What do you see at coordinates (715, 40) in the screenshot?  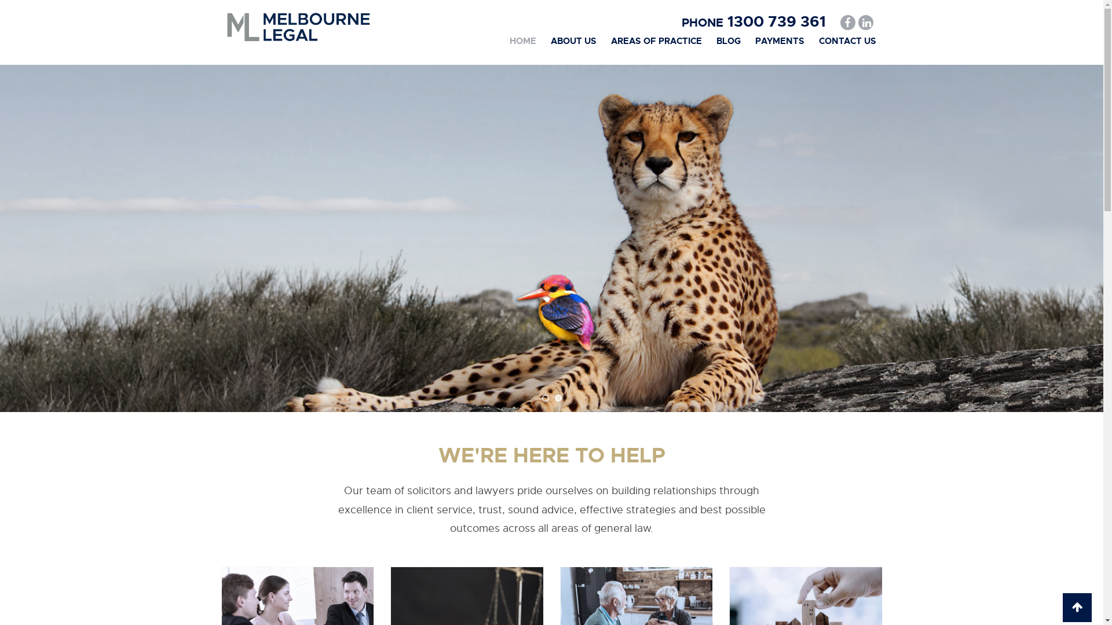 I see `'BLOG'` at bounding box center [715, 40].